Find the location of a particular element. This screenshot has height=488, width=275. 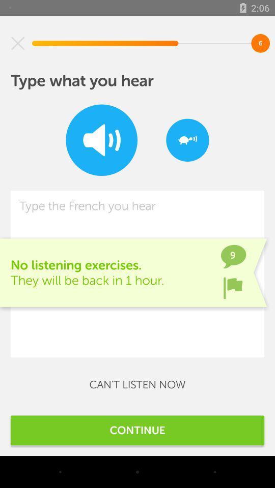

the star icon is located at coordinates (18, 43).